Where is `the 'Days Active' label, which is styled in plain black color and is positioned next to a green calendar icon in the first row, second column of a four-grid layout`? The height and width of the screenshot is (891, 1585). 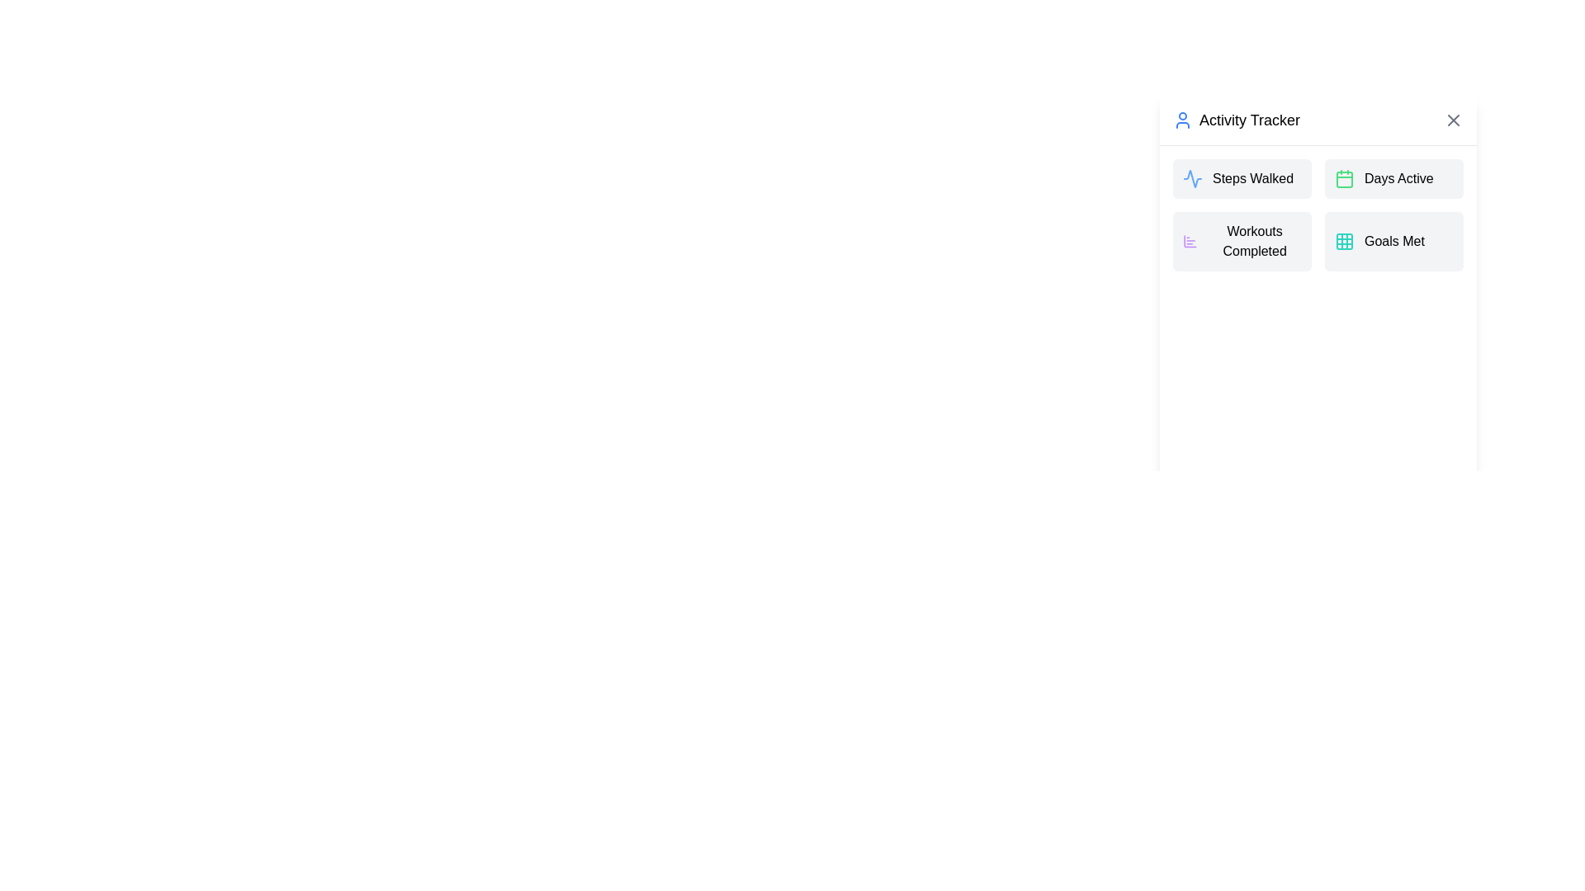 the 'Days Active' label, which is styled in plain black color and is positioned next to a green calendar icon in the first row, second column of a four-grid layout is located at coordinates (1398, 178).